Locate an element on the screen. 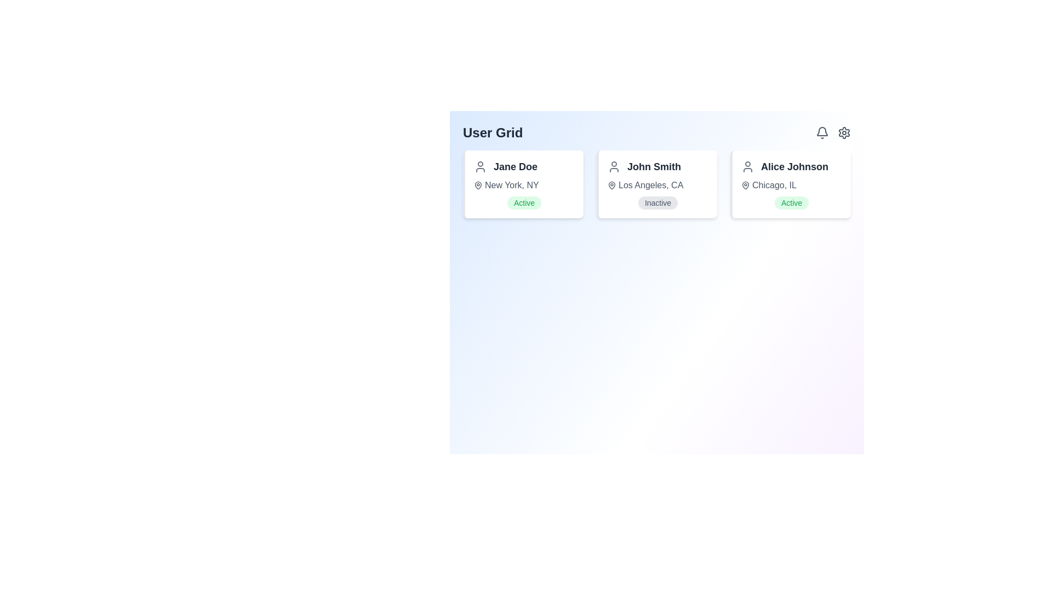 Image resolution: width=1052 pixels, height=591 pixels. properties of the decorative SVG-based user profile icon located in the first card, positioned to the left of the text 'Jane Doe' is located at coordinates (481, 166).